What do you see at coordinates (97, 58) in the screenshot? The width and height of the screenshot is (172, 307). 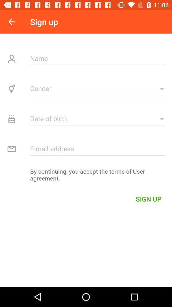 I see `insert name` at bounding box center [97, 58].